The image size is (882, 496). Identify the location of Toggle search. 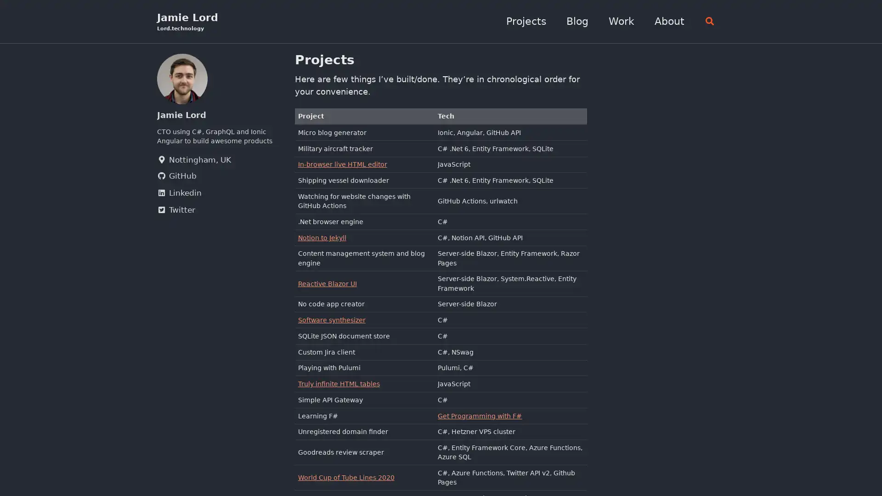
(707, 21).